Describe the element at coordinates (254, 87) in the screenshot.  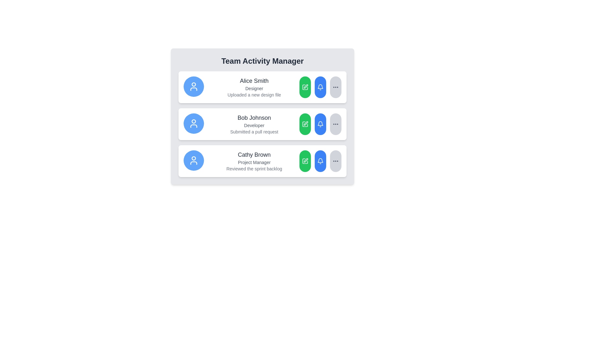
I see `the text content display that shows 'Alice Smith', 'Designer', and 'Uploaded a new design file' in the first card of the 'Team Activity Manager' section` at that location.